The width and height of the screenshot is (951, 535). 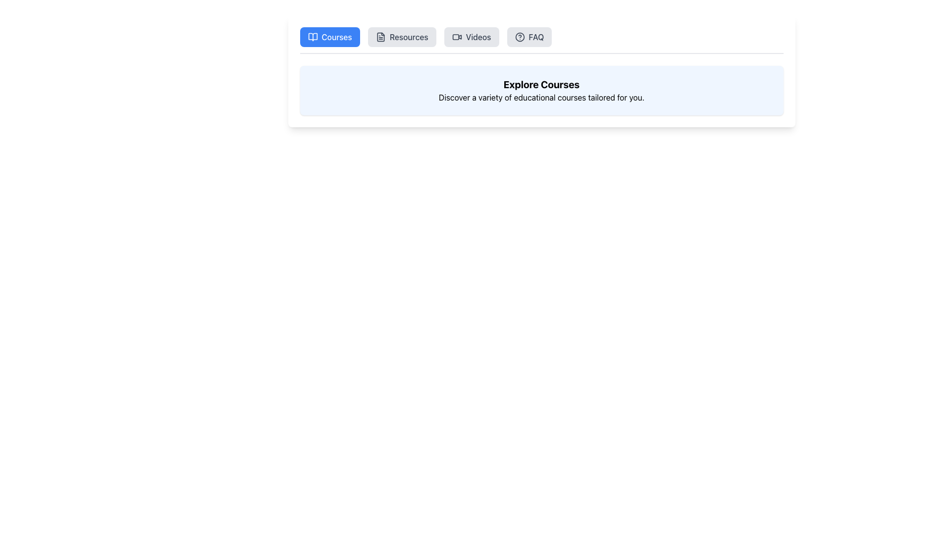 What do you see at coordinates (380, 36) in the screenshot?
I see `the minimalist document icon located in the navigation bar, which is the second element to the right of the 'Courses' button and to the left of the 'Videos' button` at bounding box center [380, 36].